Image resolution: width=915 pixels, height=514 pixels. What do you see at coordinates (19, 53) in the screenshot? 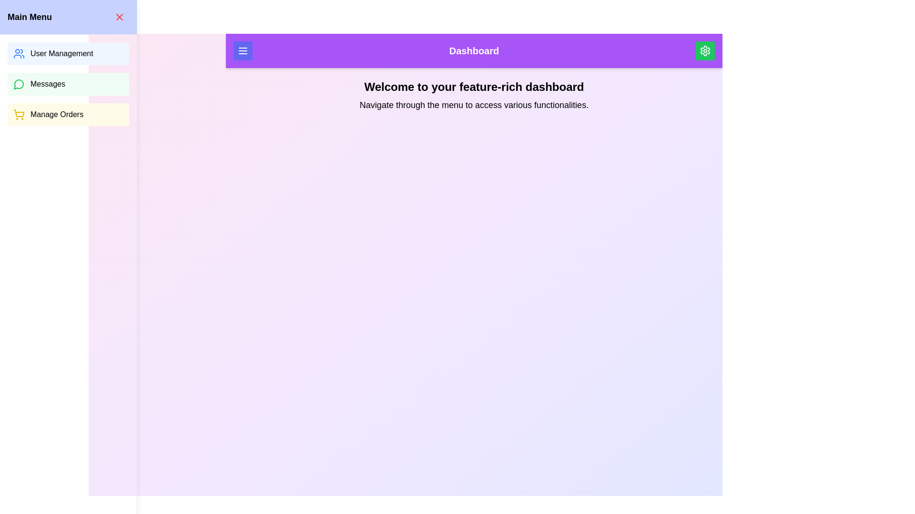
I see `the 'User Management' icon located at the top of the left-hand menu section, before the text 'User Management'` at bounding box center [19, 53].